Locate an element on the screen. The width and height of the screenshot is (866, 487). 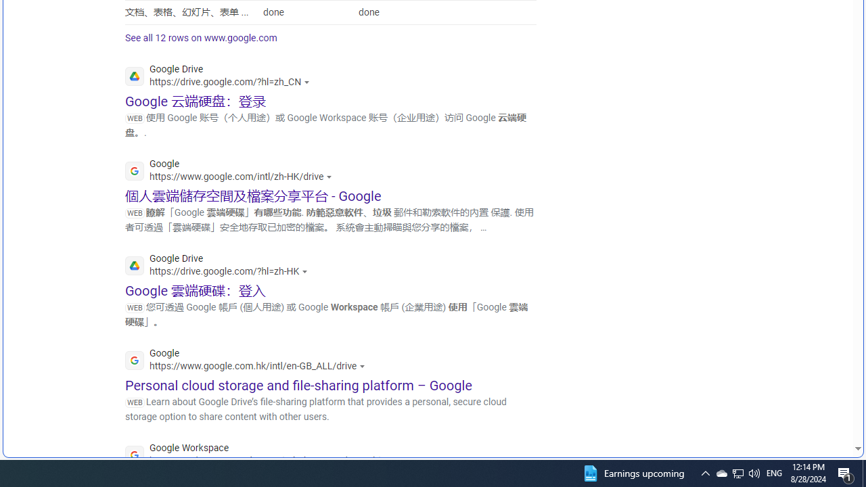
'Global web icon' is located at coordinates (135, 455).